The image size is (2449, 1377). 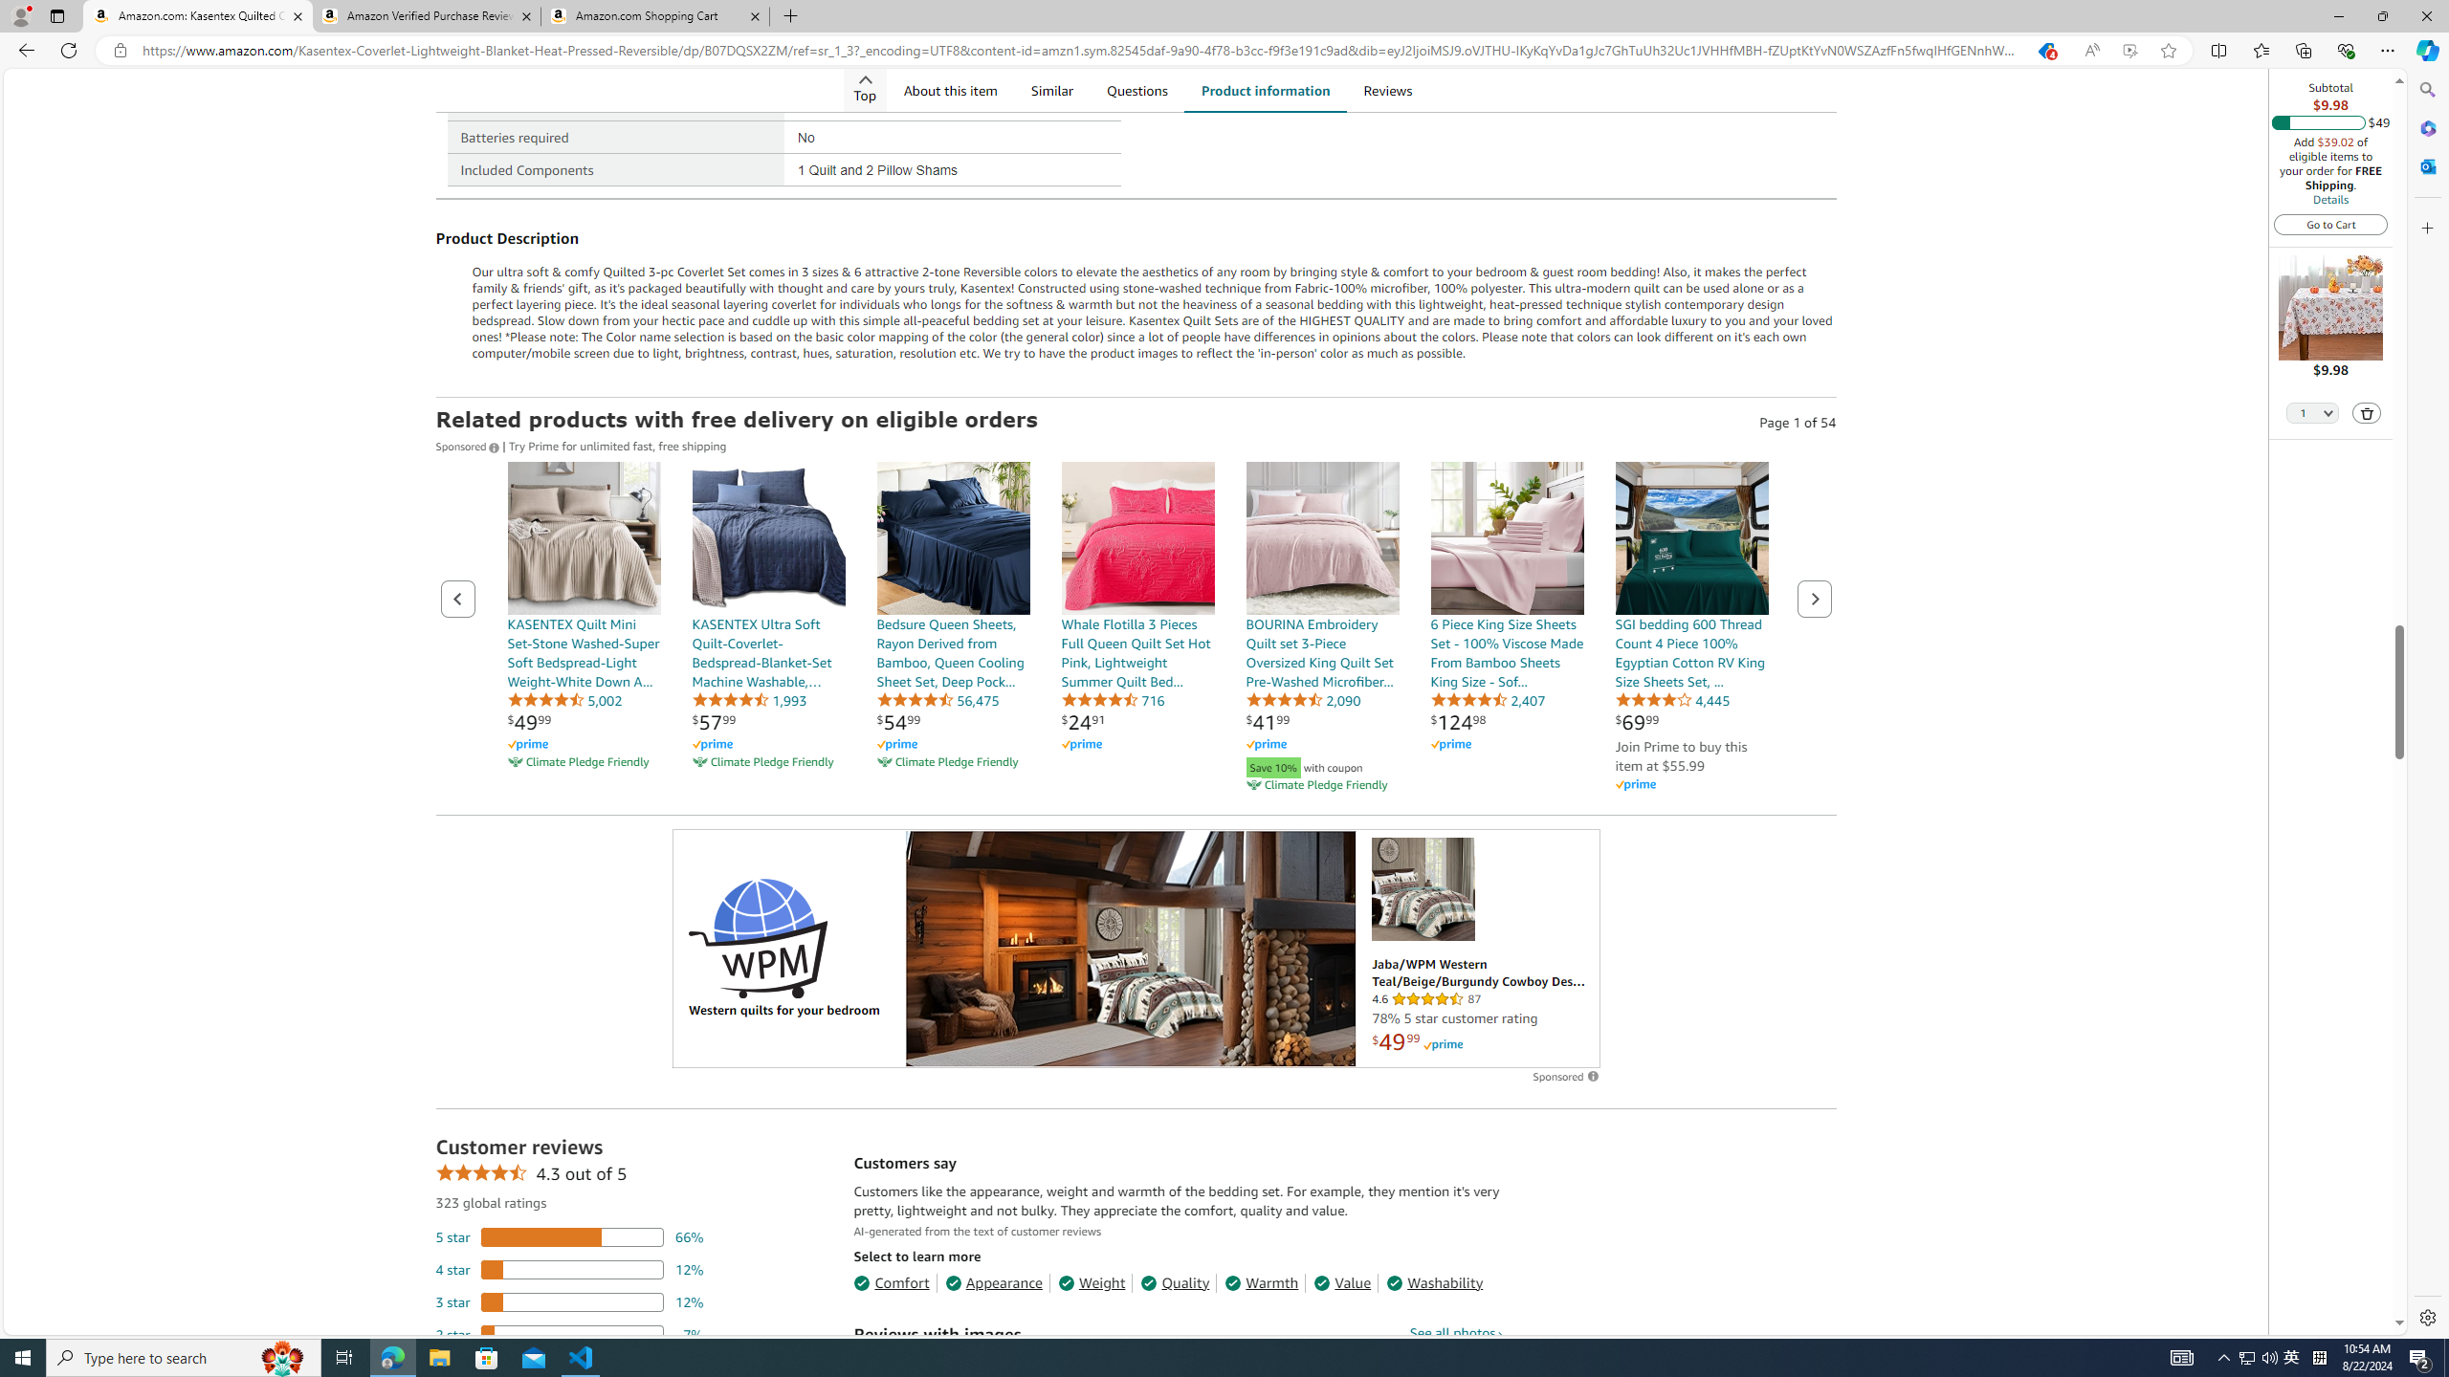 I want to click on 'Appearance', so click(x=994, y=1281).